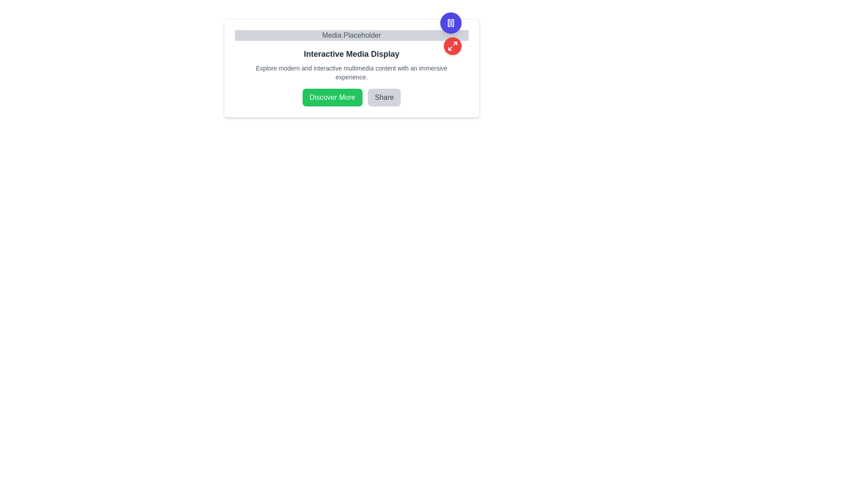 The image size is (853, 479). I want to click on the 'Share' button, which is a rectangular button with rounded corners, light gray background, and dark gray text located to the right of the 'Discover More' button, so click(384, 97).